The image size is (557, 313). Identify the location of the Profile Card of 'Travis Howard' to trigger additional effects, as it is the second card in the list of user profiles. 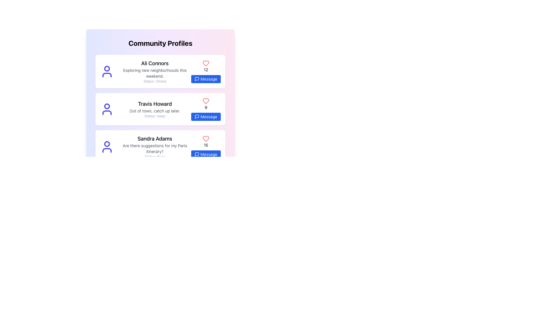
(160, 109).